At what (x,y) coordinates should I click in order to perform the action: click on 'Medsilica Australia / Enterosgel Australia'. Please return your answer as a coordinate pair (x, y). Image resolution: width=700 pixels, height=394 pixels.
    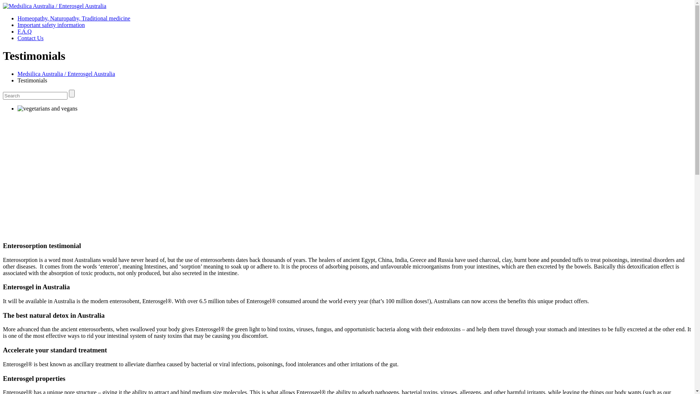
    Looking at the image, I should click on (17, 74).